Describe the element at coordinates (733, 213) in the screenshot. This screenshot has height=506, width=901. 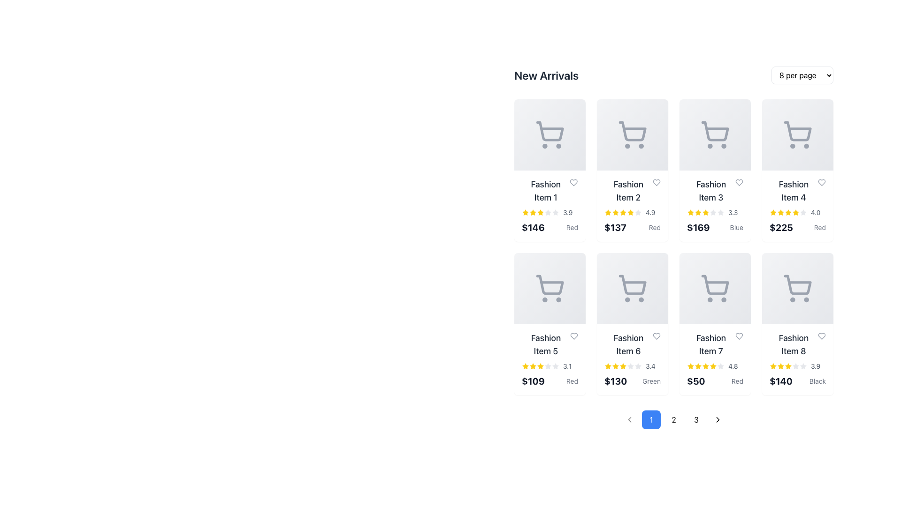
I see `the text label displaying additional information about the rating for 'Fashion Item 3', located at the bottom right of the item's card layout` at that location.